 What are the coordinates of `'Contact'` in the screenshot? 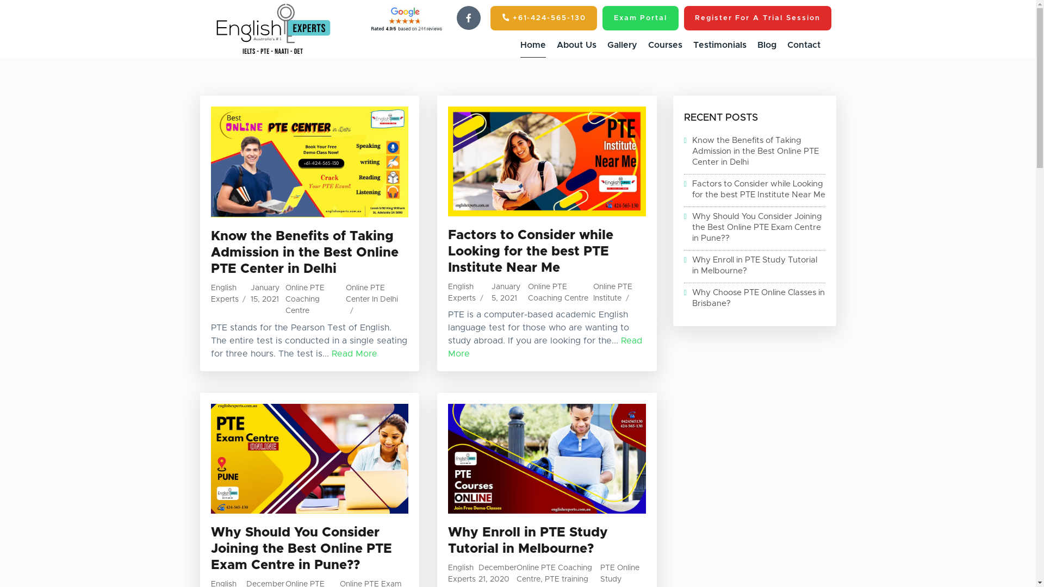 It's located at (804, 45).